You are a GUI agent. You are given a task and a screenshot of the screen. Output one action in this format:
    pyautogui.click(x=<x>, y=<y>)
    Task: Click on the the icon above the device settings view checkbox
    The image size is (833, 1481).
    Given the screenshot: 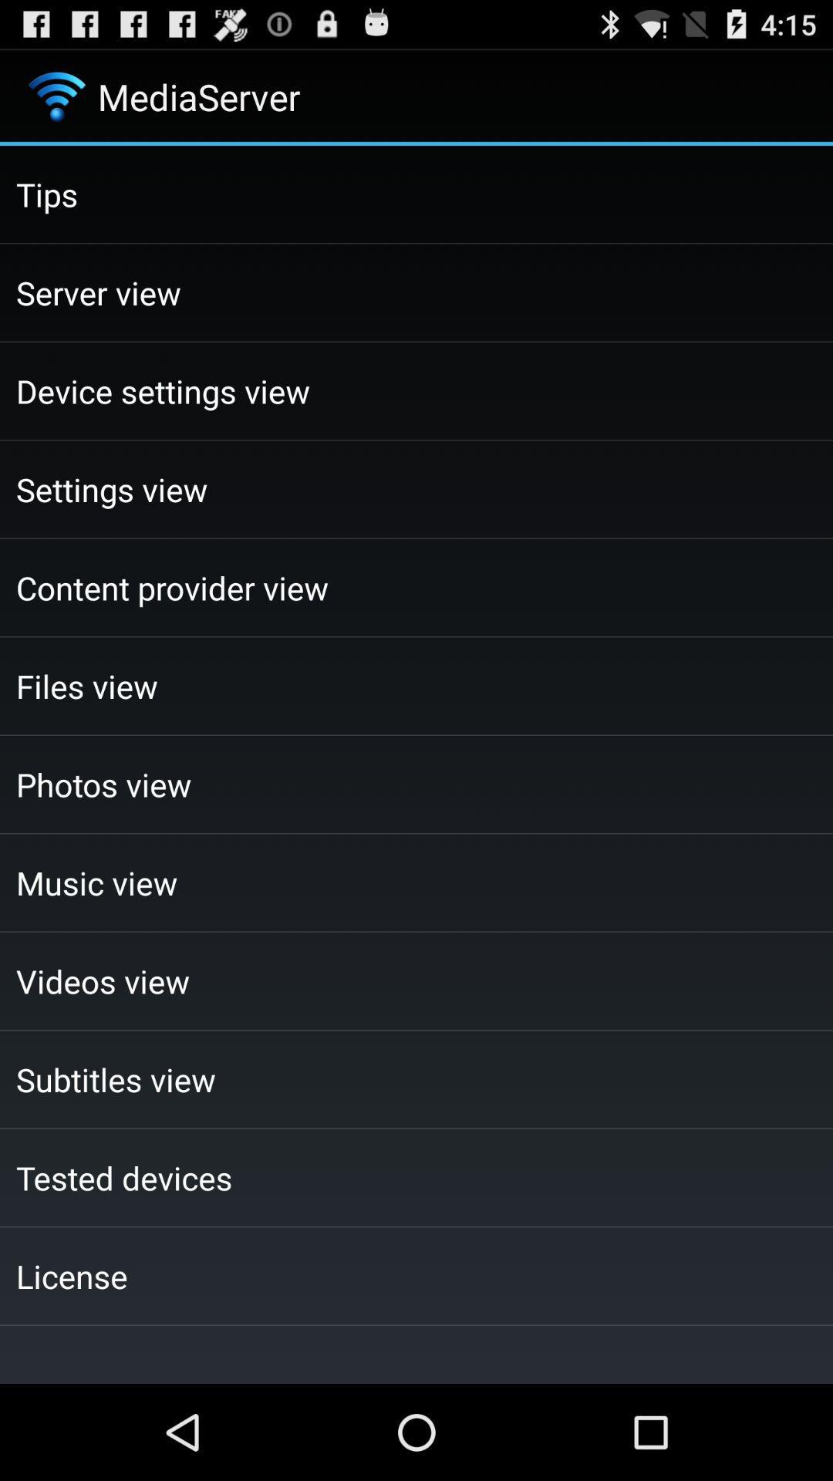 What is the action you would take?
    pyautogui.click(x=416, y=292)
    